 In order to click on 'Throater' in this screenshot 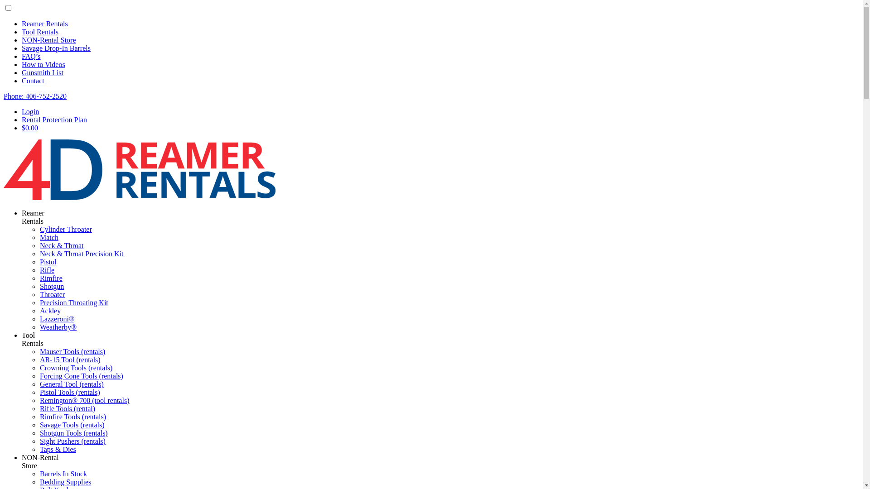, I will do `click(52, 294)`.